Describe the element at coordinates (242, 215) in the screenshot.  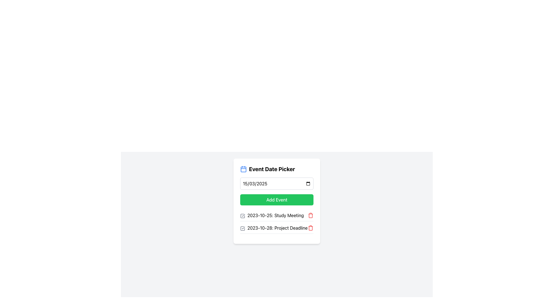
I see `from the checkbox, which is rendered as an SVG graphic` at that location.